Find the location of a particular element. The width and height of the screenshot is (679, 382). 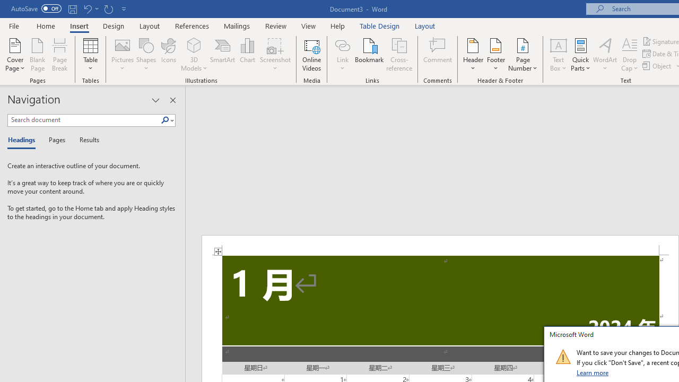

'Results' is located at coordinates (85, 140).